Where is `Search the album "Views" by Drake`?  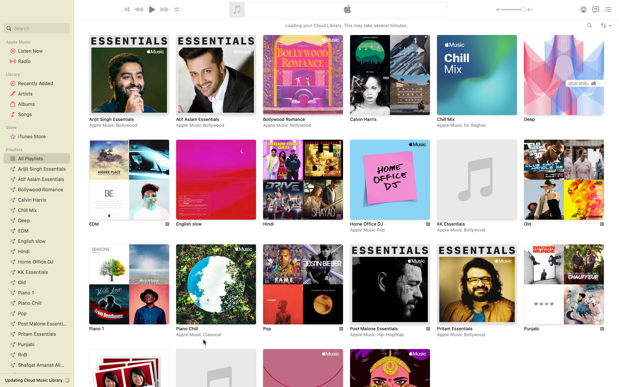 Search the album "Views" by Drake is located at coordinates (590, 25).